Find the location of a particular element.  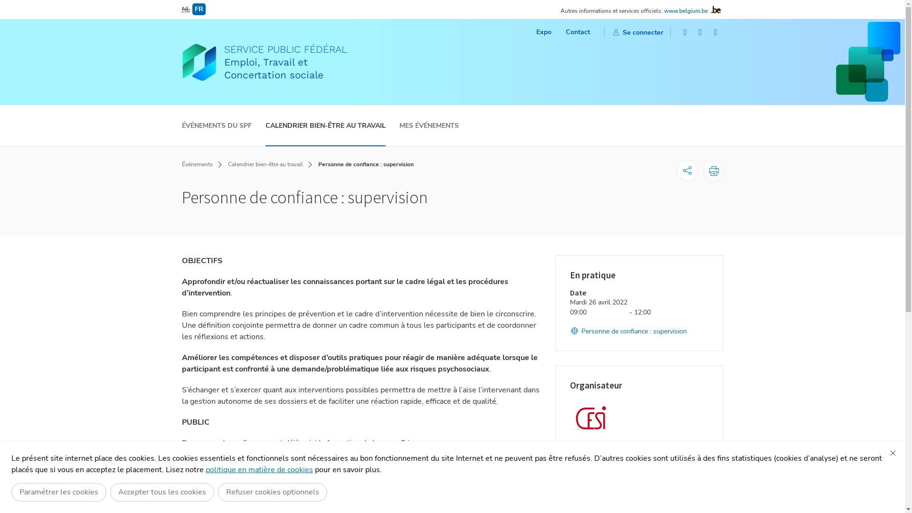

'Expo' is located at coordinates (543, 31).